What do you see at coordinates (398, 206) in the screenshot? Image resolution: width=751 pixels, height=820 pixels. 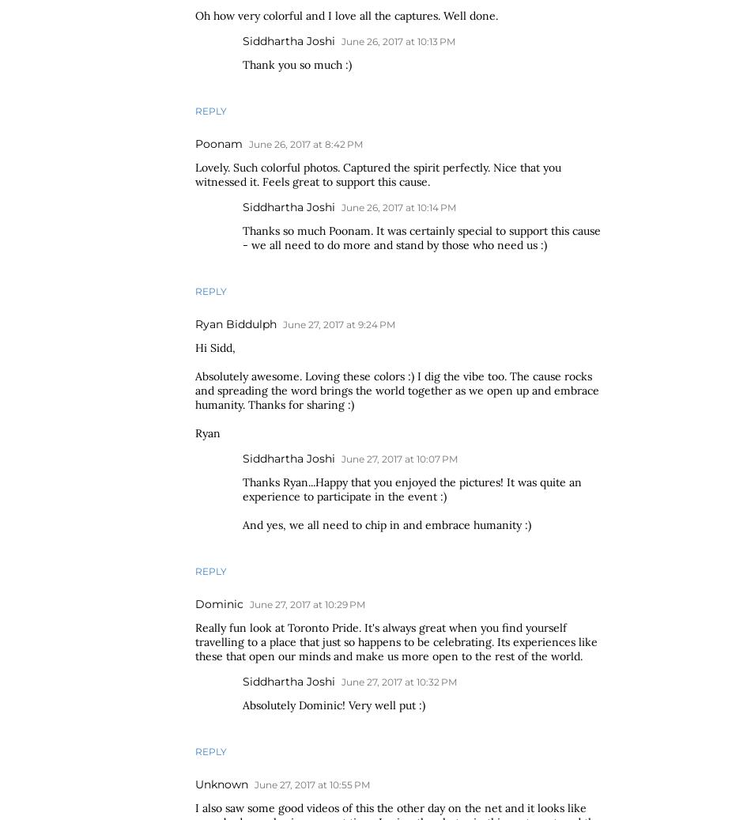 I see `'June 26, 2017 at 10:14 PM'` at bounding box center [398, 206].